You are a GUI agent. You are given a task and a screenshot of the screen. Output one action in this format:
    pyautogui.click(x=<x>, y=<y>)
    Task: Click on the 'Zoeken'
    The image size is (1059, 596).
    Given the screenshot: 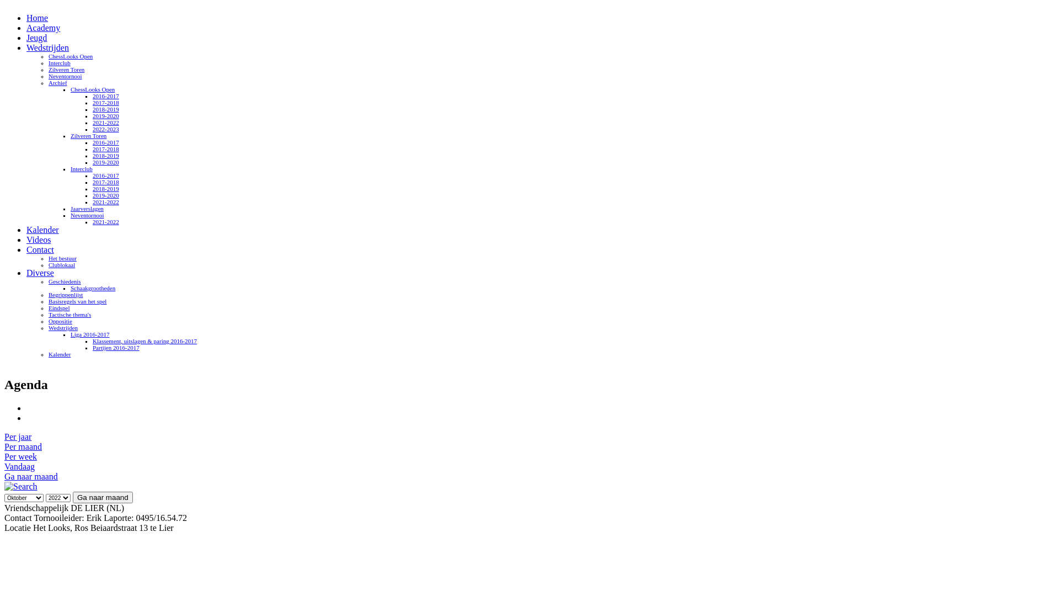 What is the action you would take?
    pyautogui.click(x=4, y=486)
    